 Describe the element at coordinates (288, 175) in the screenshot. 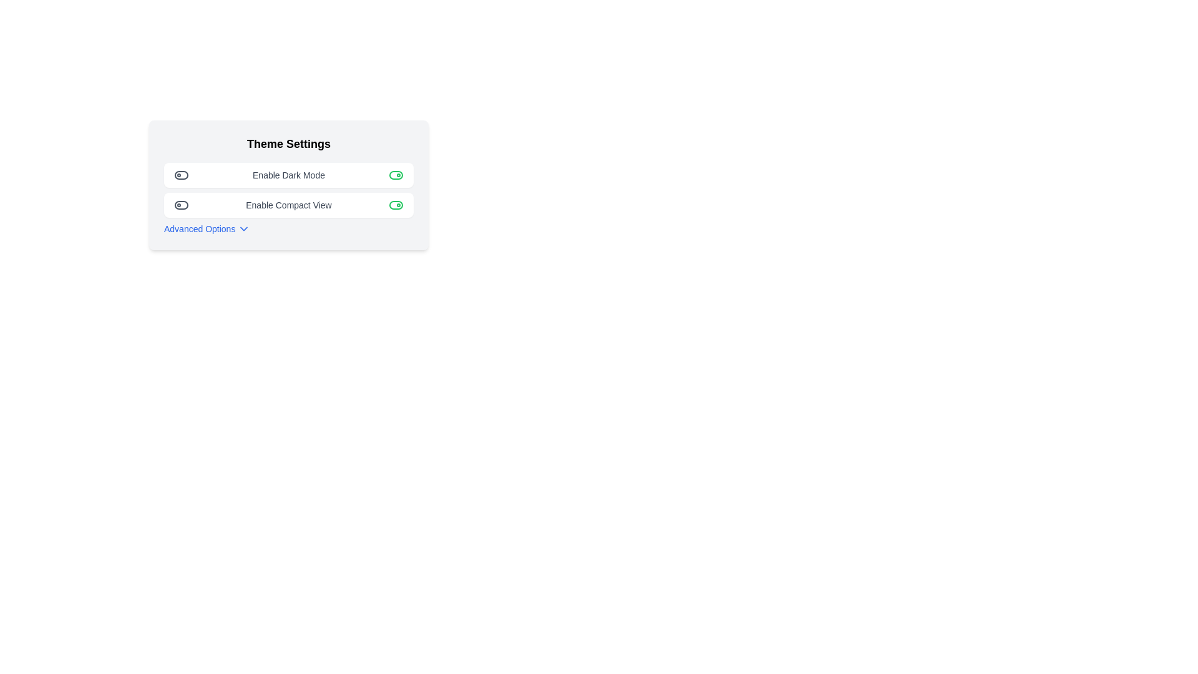

I see `the text label that says 'Enable Dark Mode', which is styled in gray color and located in the middle of the interface` at that location.